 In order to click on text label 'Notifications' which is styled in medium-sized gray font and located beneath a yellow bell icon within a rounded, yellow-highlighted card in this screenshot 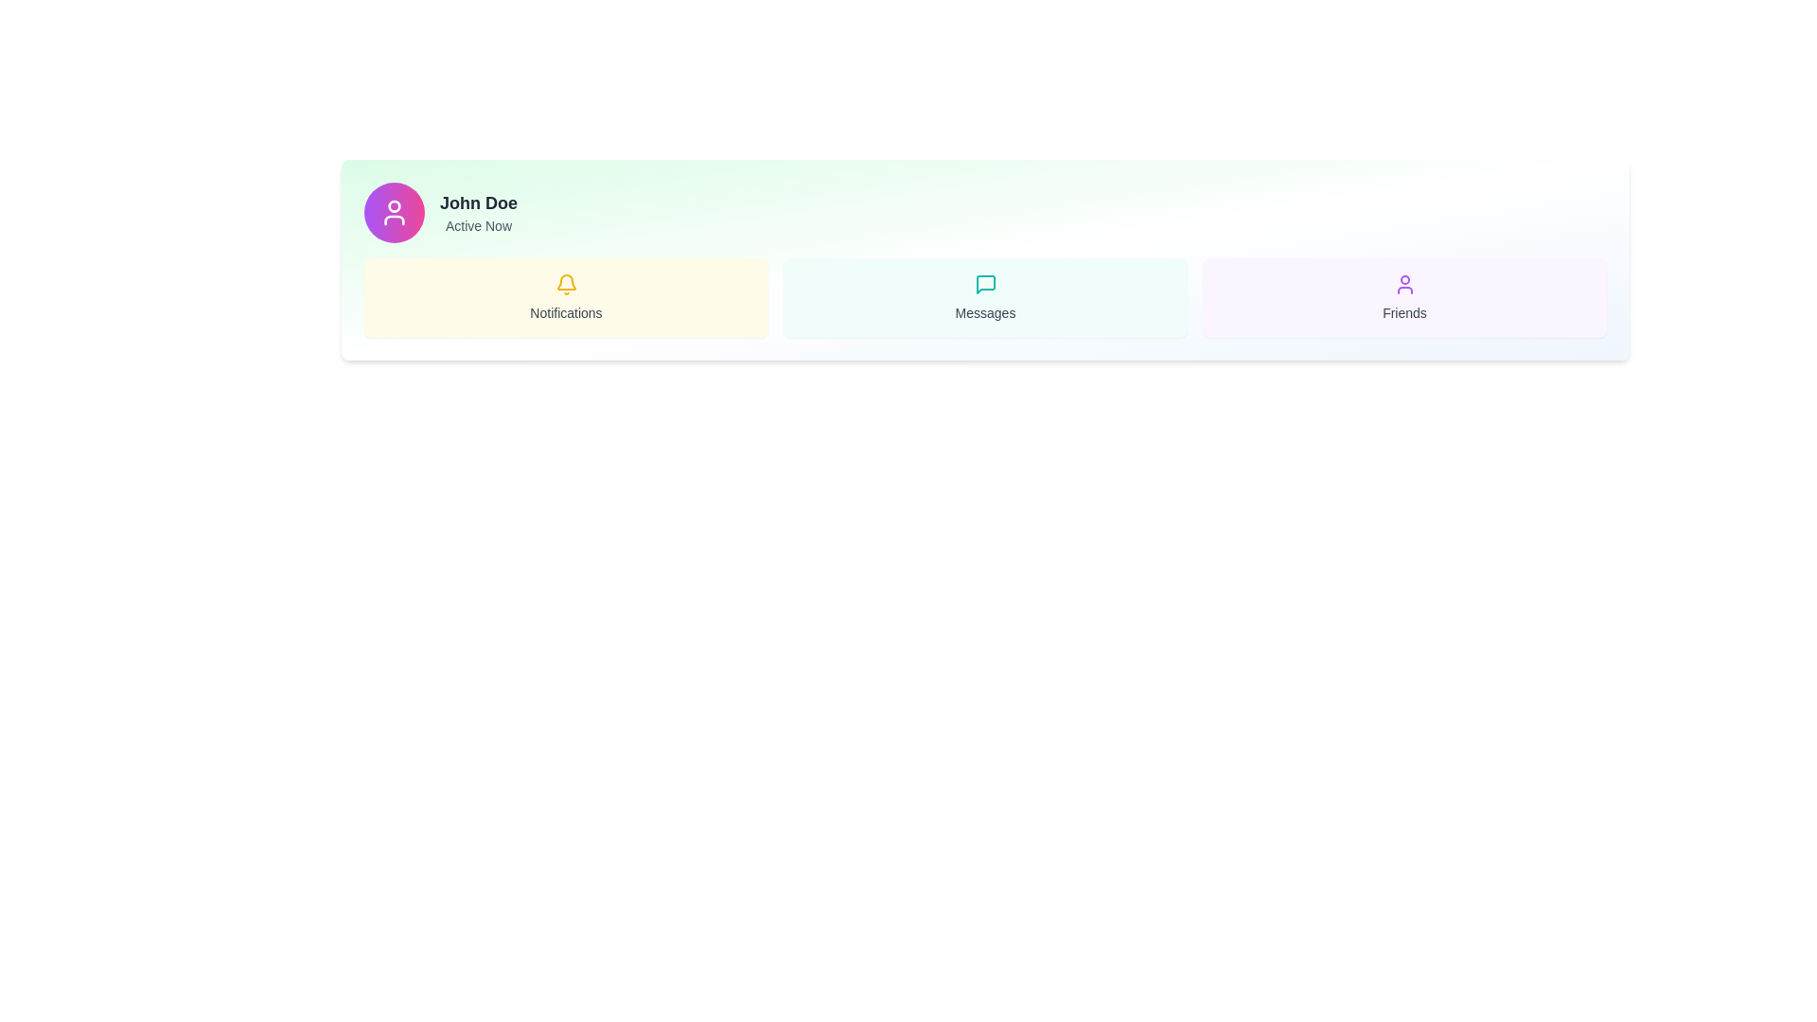, I will do `click(565, 312)`.